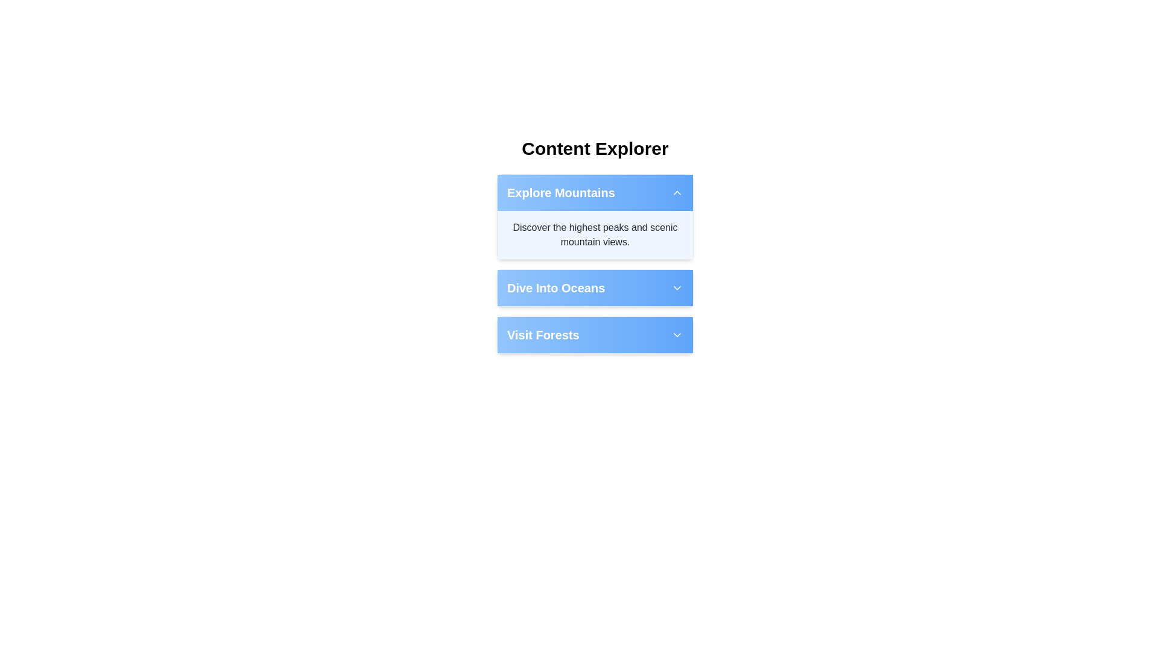 The height and width of the screenshot is (651, 1158). Describe the element at coordinates (677, 192) in the screenshot. I see `the chevron-shaped upward arrow icon with white stroke lines on a blue gradient background, located on the right side of the 'Explore Mountains' button in the 'Content Explorer' section` at that location.